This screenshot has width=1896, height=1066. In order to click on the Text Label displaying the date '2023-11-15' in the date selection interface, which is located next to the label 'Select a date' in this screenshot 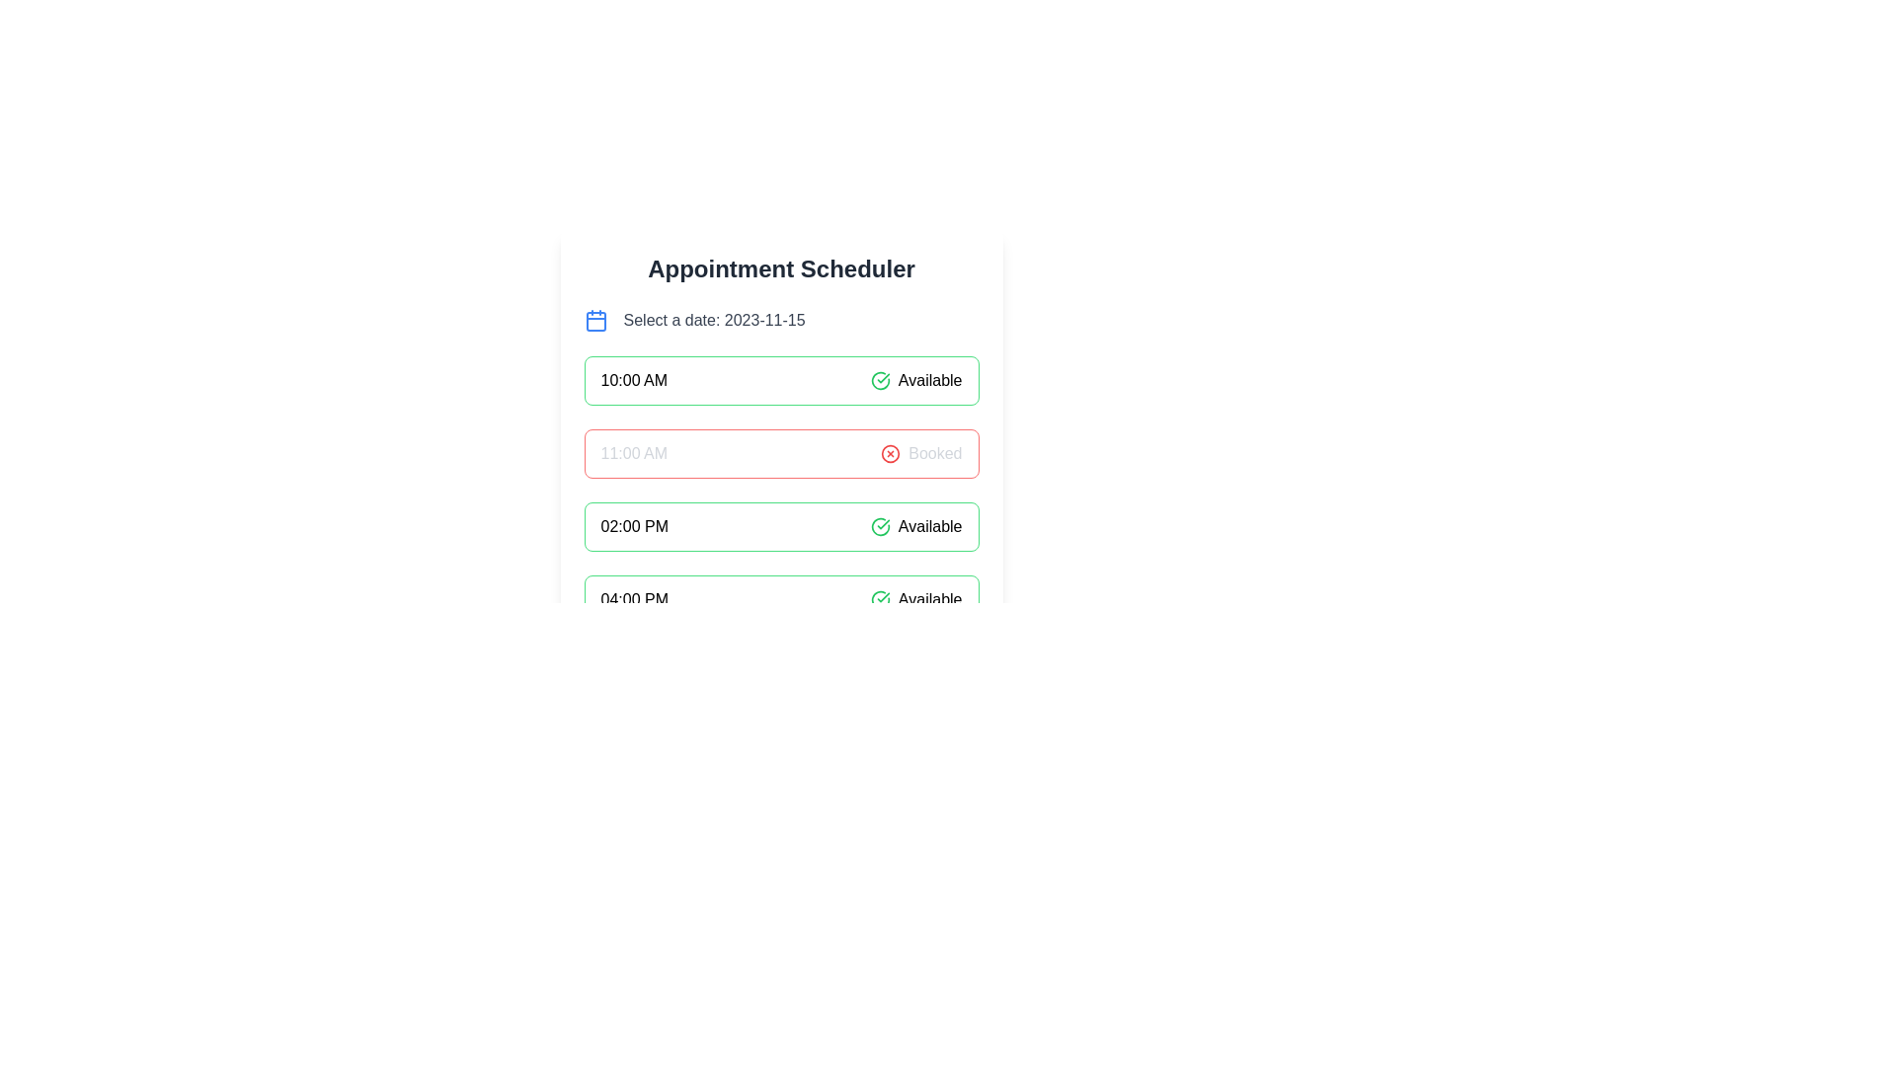, I will do `click(763, 319)`.